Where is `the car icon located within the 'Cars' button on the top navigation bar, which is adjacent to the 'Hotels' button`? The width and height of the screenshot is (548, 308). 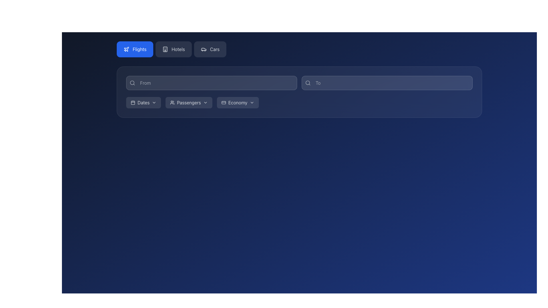
the car icon located within the 'Cars' button on the top navigation bar, which is adjacent to the 'Hotels' button is located at coordinates (204, 49).